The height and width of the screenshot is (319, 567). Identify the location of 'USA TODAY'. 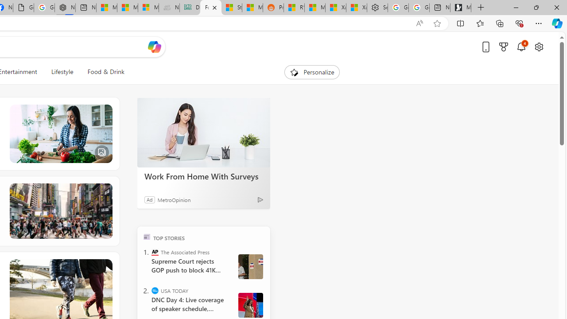
(155, 290).